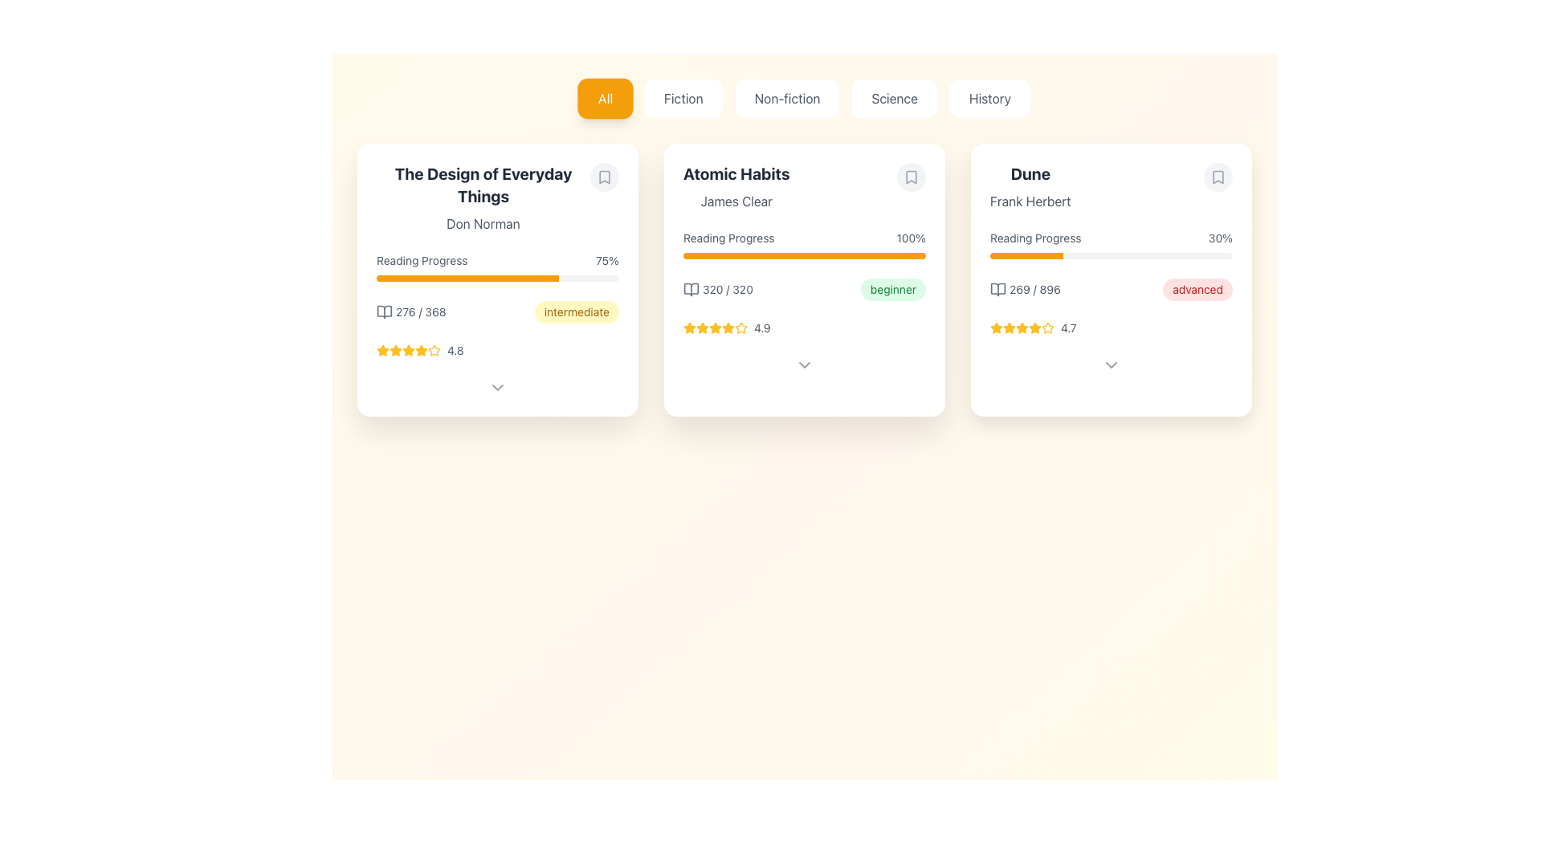 The height and width of the screenshot is (867, 1542). Describe the element at coordinates (805, 244) in the screenshot. I see `the reading progress element for the book 'Atomic Habits', which visually represents 100% completion and is located between the author name 'James Clear' and the reading details '320 / 320'` at that location.